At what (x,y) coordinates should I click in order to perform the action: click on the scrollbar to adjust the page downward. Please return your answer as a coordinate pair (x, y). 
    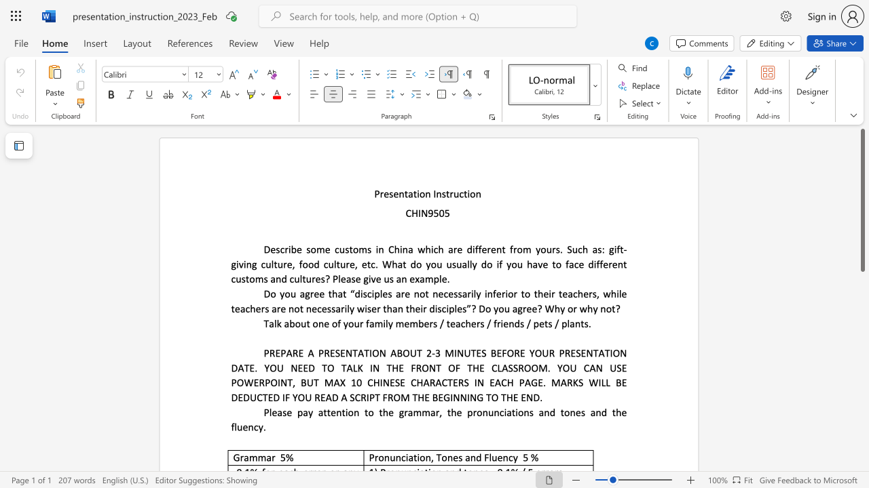
    Looking at the image, I should click on (862, 325).